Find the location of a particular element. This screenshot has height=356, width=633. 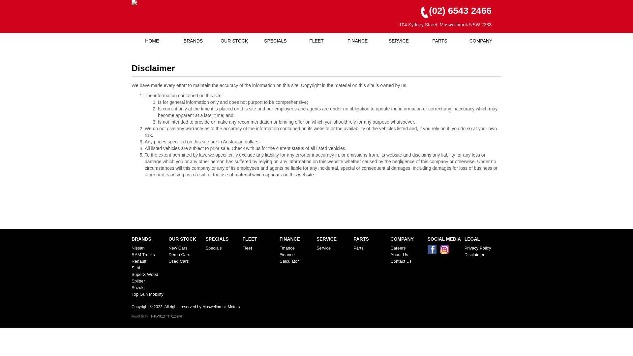

'Service' is located at coordinates (334, 248).